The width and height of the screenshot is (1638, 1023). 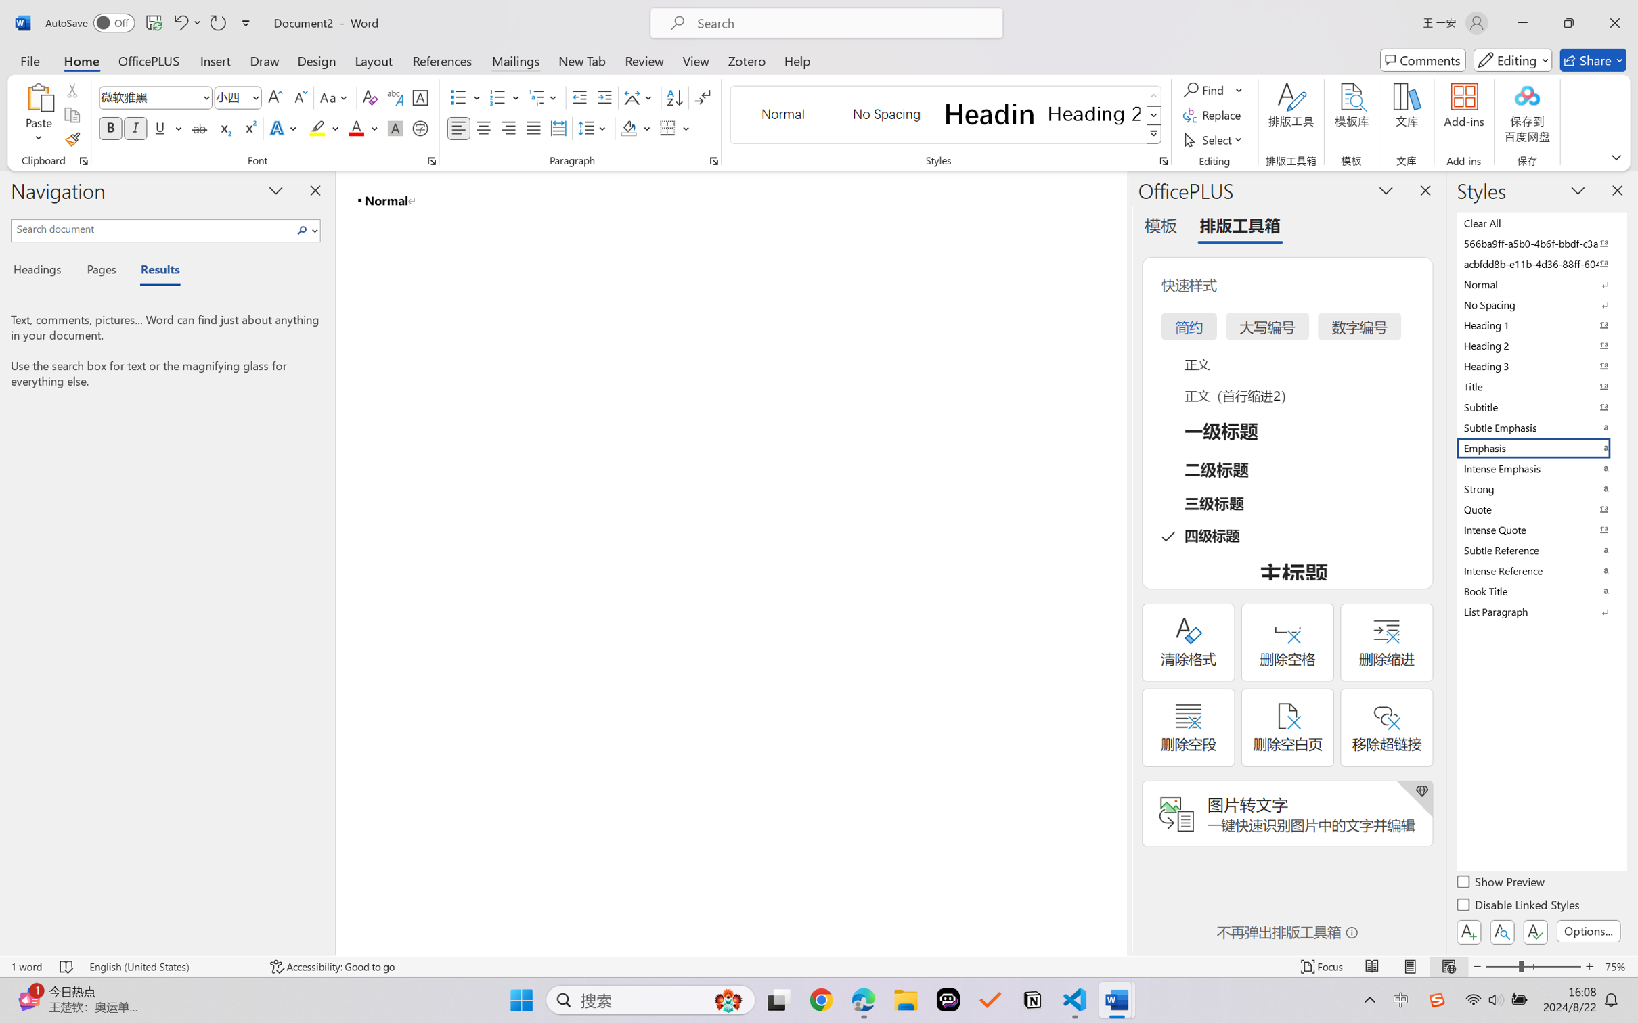 What do you see at coordinates (1410, 966) in the screenshot?
I see `'Print Layout'` at bounding box center [1410, 966].